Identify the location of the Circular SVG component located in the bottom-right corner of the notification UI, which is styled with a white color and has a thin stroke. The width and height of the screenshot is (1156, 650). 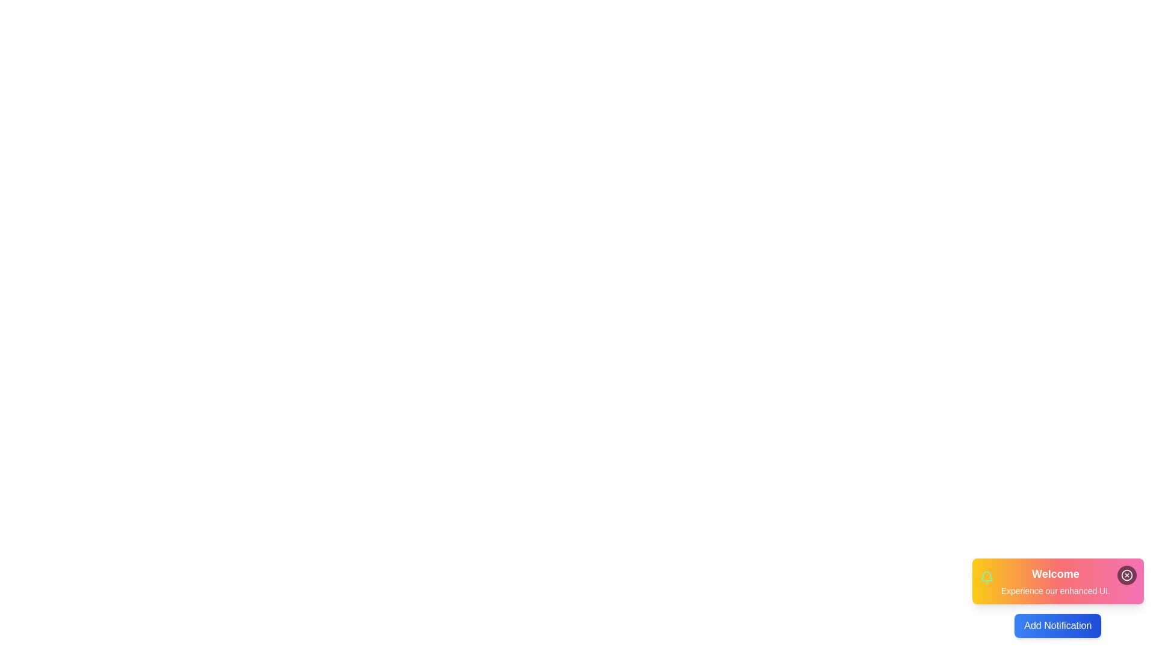
(1126, 575).